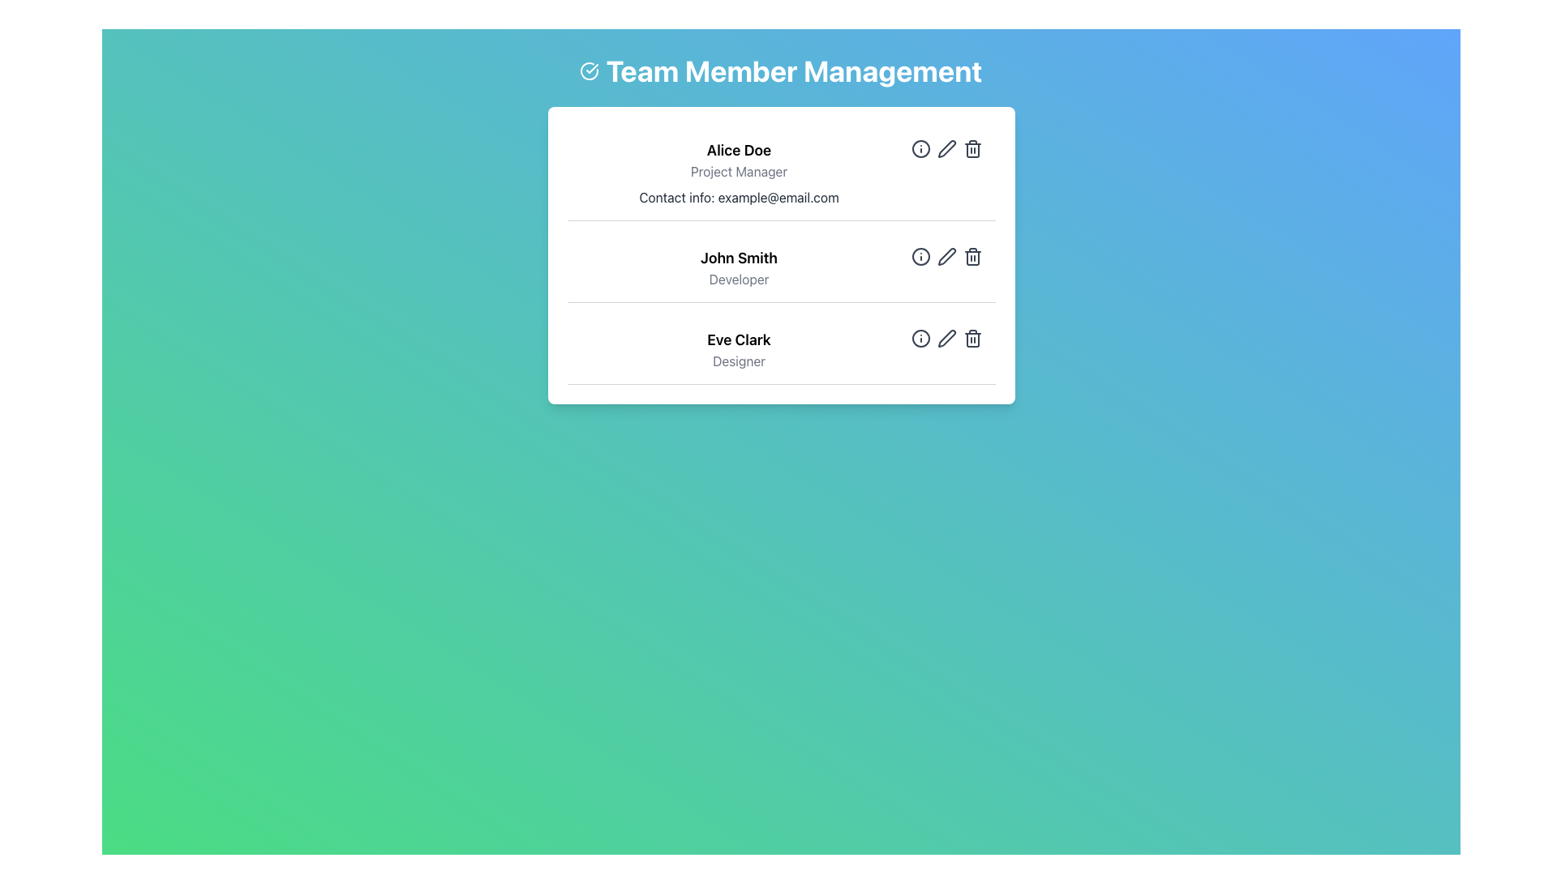  I want to click on the trash can icon button associated with team member Eve Clark, which is styled gray and turns red on hover, so click(972, 337).